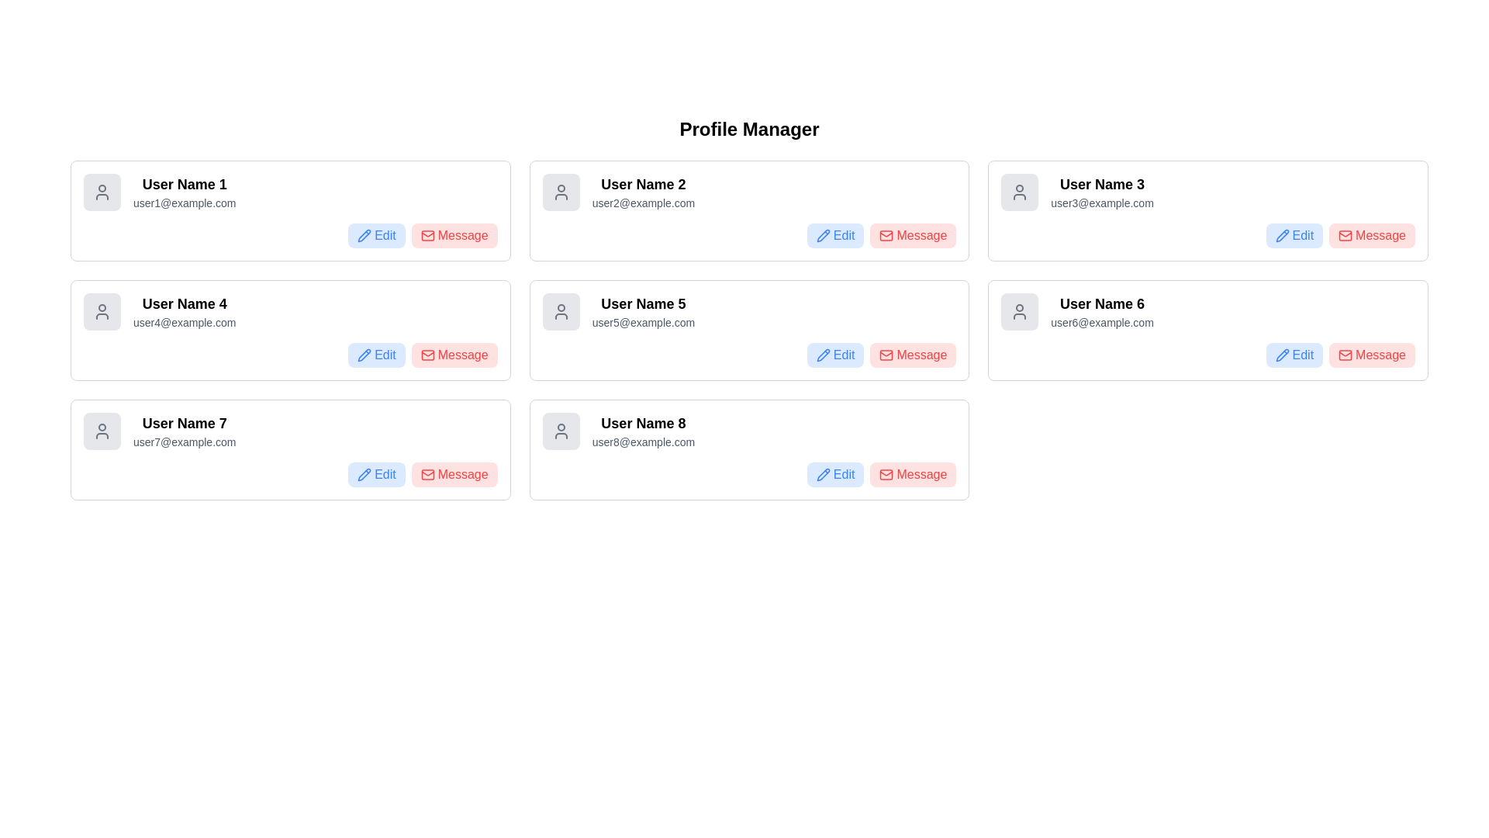 Image resolution: width=1489 pixels, height=838 pixels. What do you see at coordinates (886, 236) in the screenshot?
I see `message icon representing email or text messaging functionality, located in the second card, first row, second column of User Name 2's section in the Profile Manager interface` at bounding box center [886, 236].